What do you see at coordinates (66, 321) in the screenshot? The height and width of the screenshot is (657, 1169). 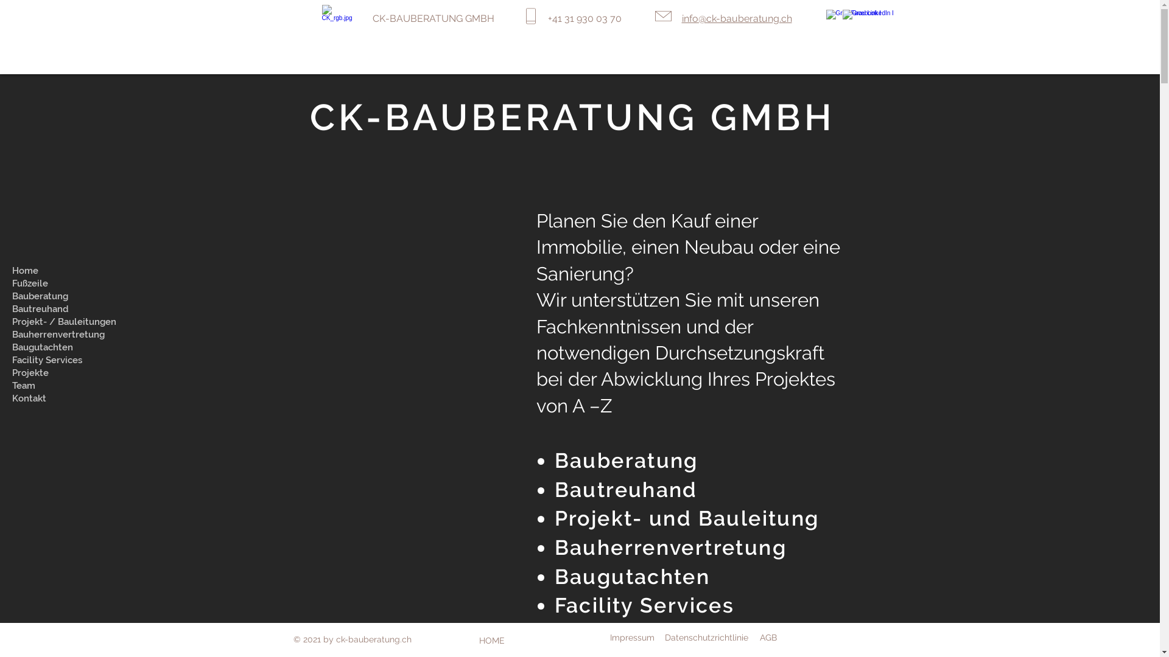 I see `'Projekt- / Bauleitungen'` at bounding box center [66, 321].